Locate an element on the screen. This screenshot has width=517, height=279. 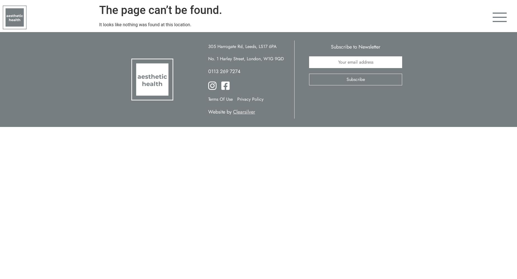
'The page can’t be found.' is located at coordinates (160, 10).